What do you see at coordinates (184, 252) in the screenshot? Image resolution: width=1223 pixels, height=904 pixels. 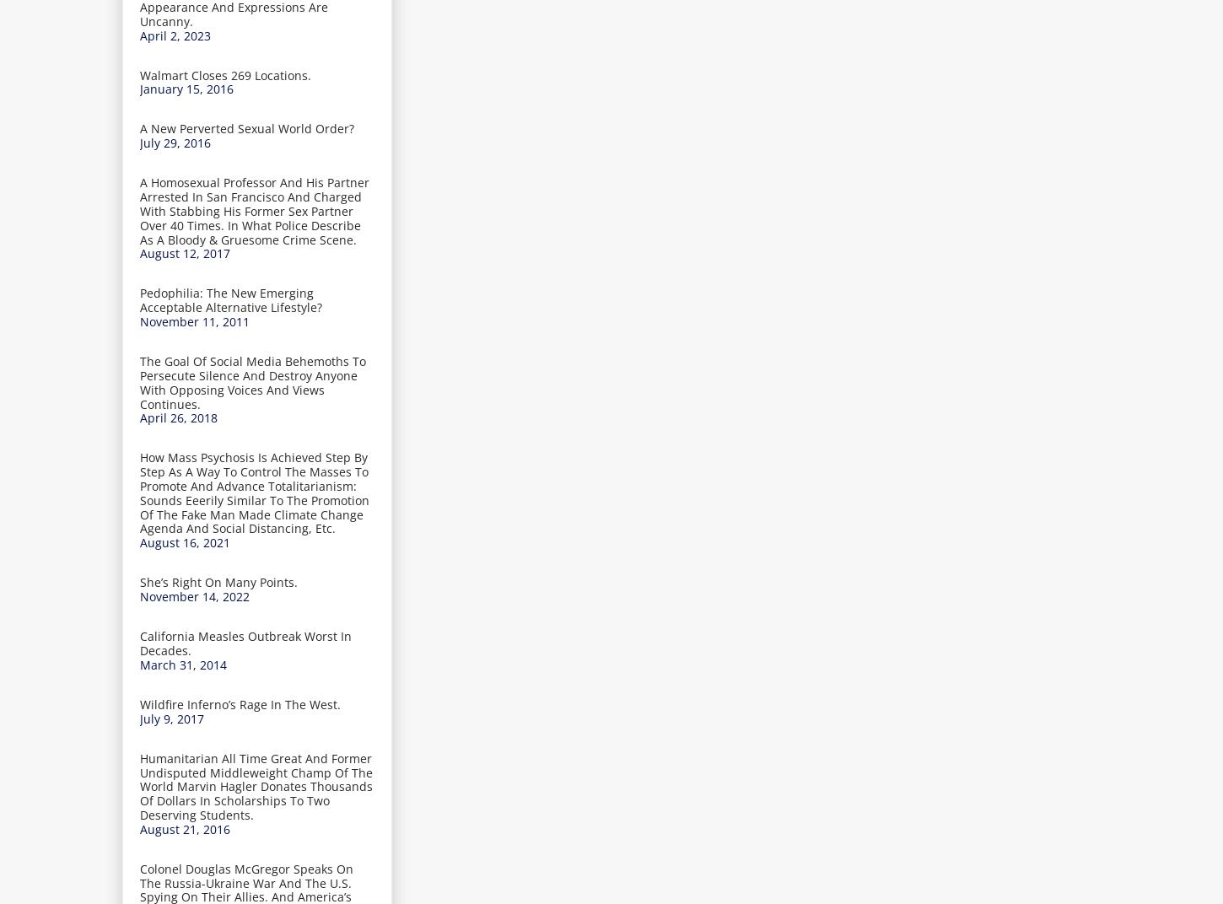 I see `'August 12, 2017'` at bounding box center [184, 252].